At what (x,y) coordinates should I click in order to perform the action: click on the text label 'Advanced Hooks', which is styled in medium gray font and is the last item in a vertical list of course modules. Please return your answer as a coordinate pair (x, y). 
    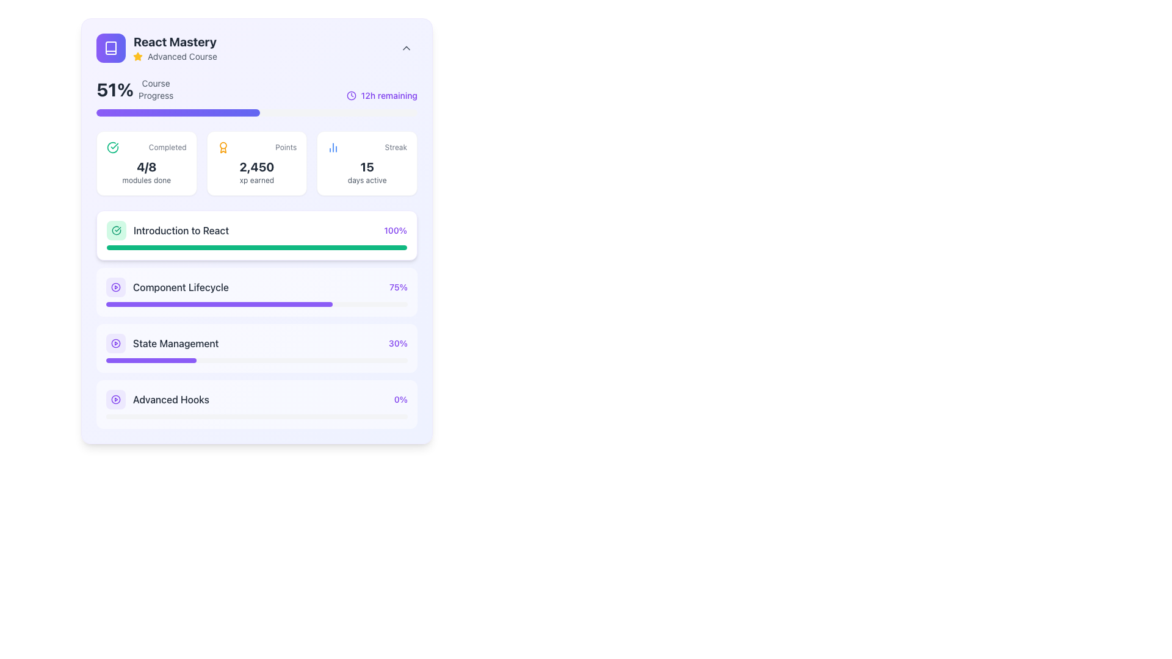
    Looking at the image, I should click on (170, 400).